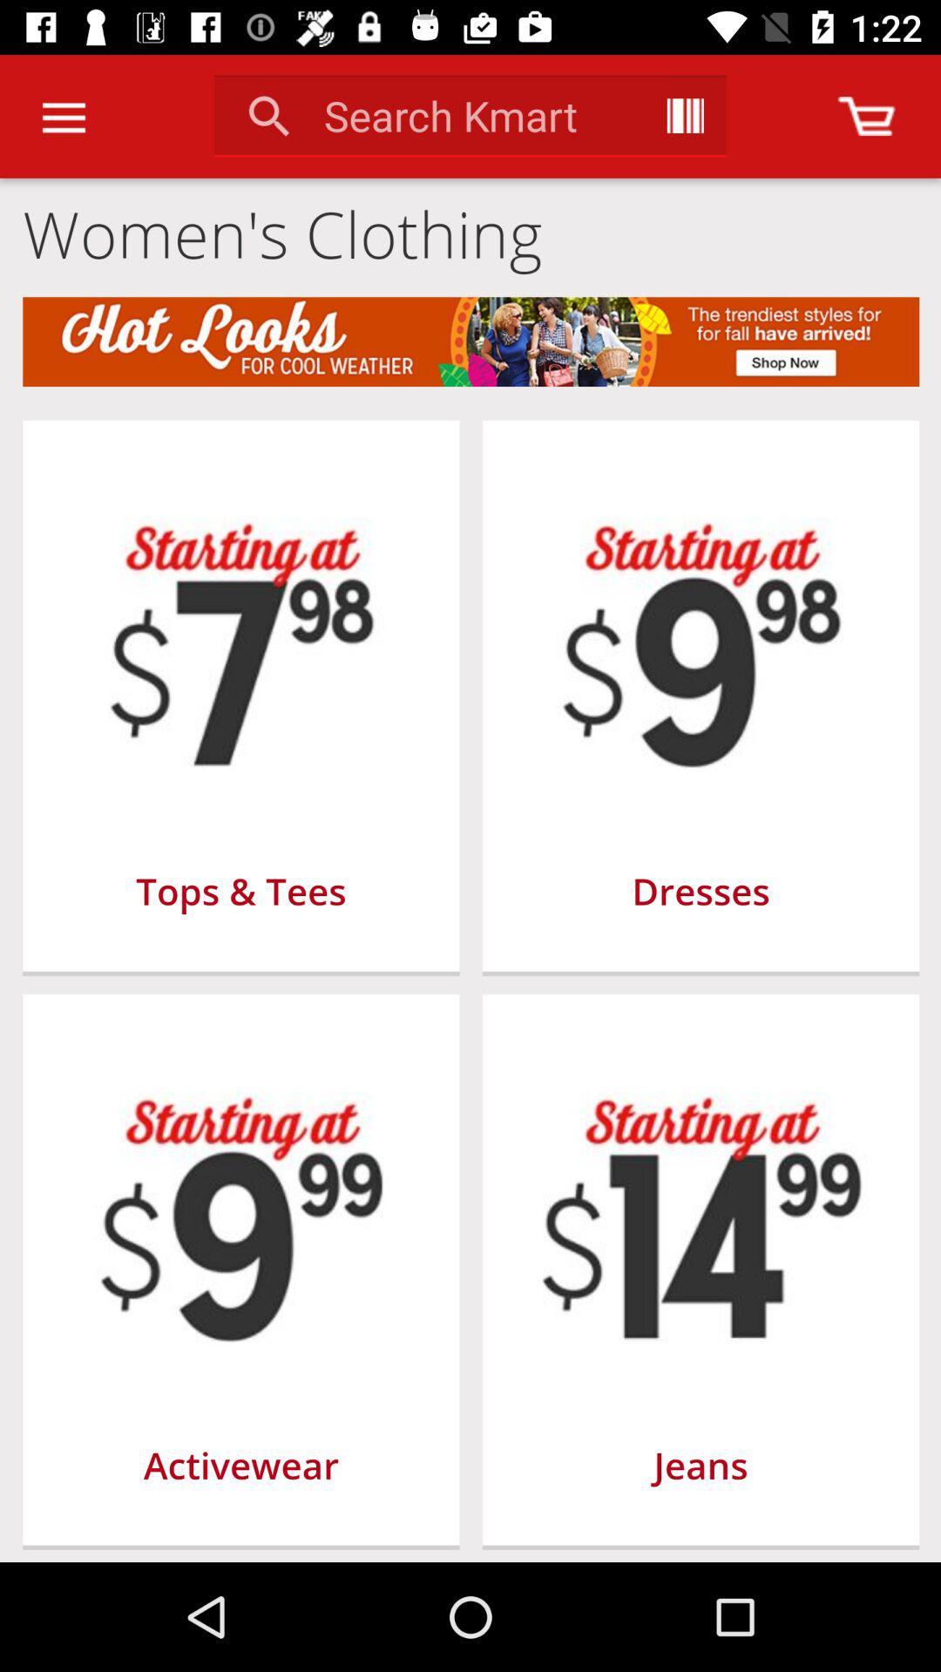 This screenshot has height=1672, width=941. What do you see at coordinates (866, 115) in the screenshot?
I see `purchase option` at bounding box center [866, 115].